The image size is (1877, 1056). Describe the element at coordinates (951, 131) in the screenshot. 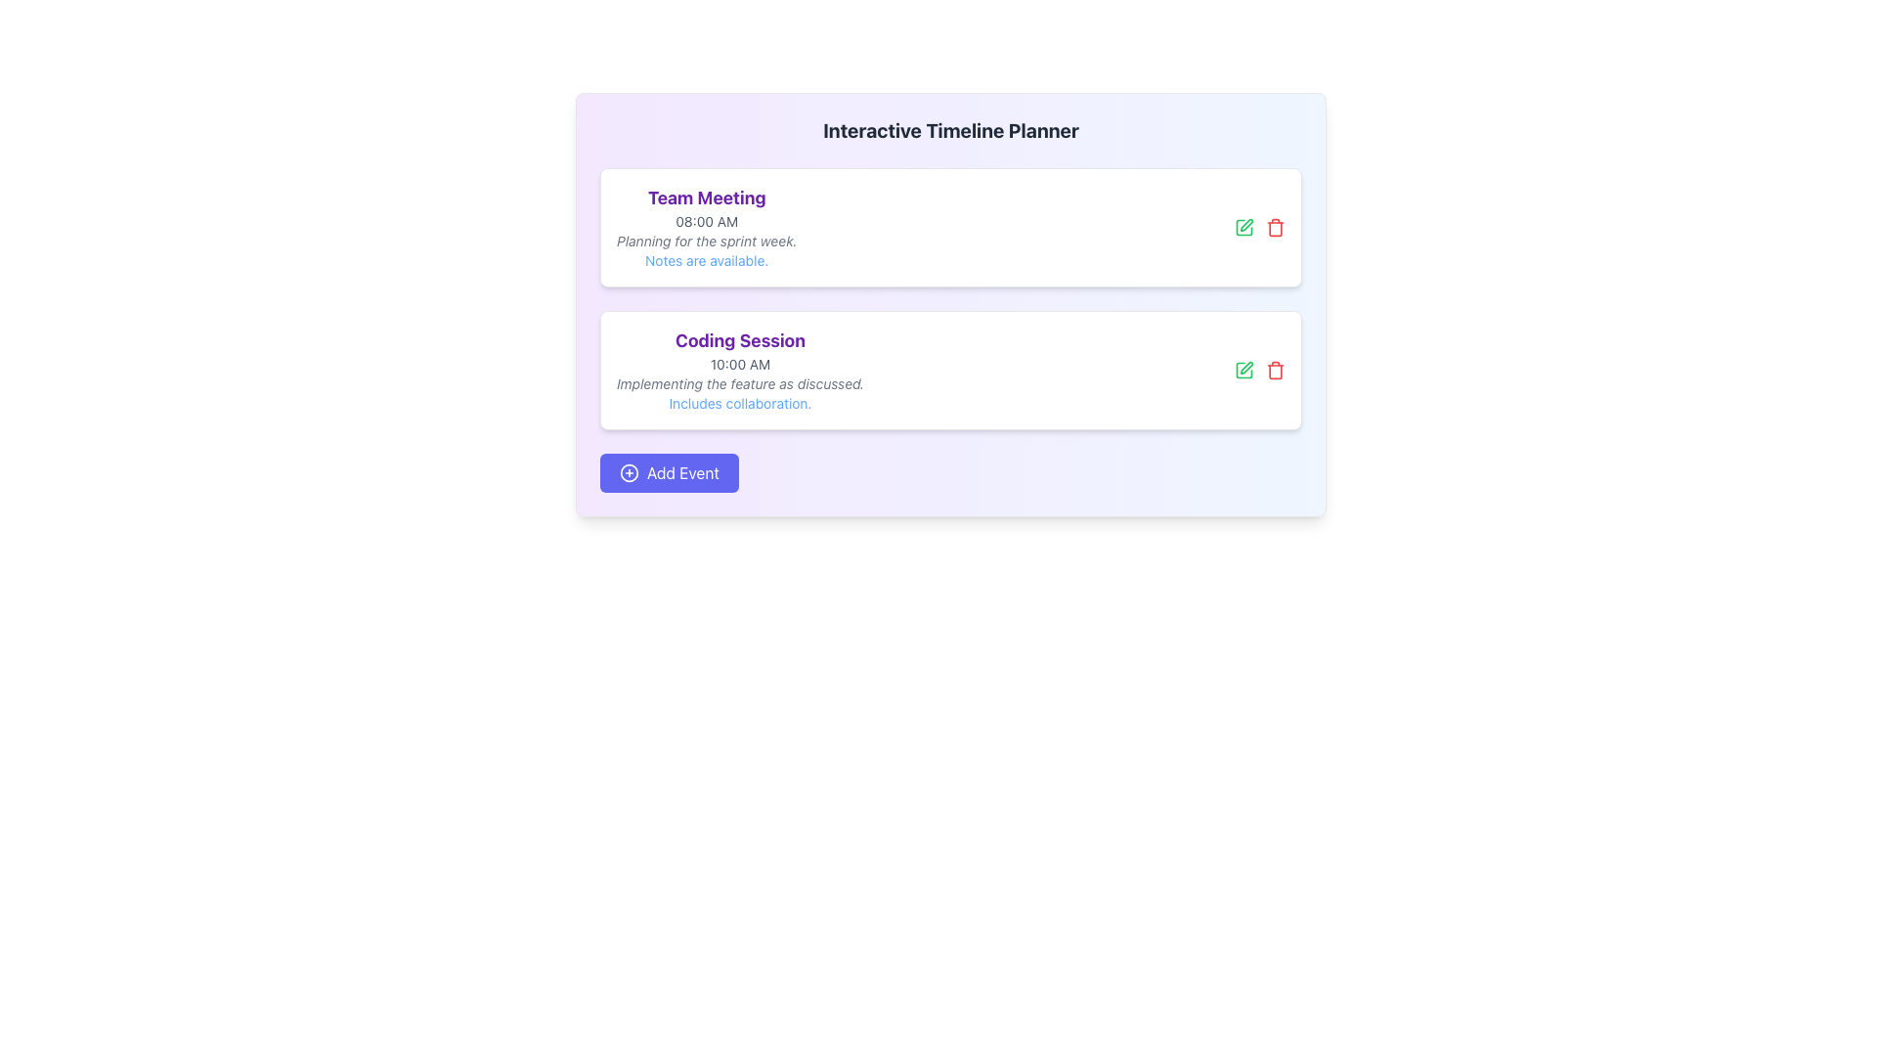

I see `the Header Text labeled 'Interactive Timeline Planner'` at that location.